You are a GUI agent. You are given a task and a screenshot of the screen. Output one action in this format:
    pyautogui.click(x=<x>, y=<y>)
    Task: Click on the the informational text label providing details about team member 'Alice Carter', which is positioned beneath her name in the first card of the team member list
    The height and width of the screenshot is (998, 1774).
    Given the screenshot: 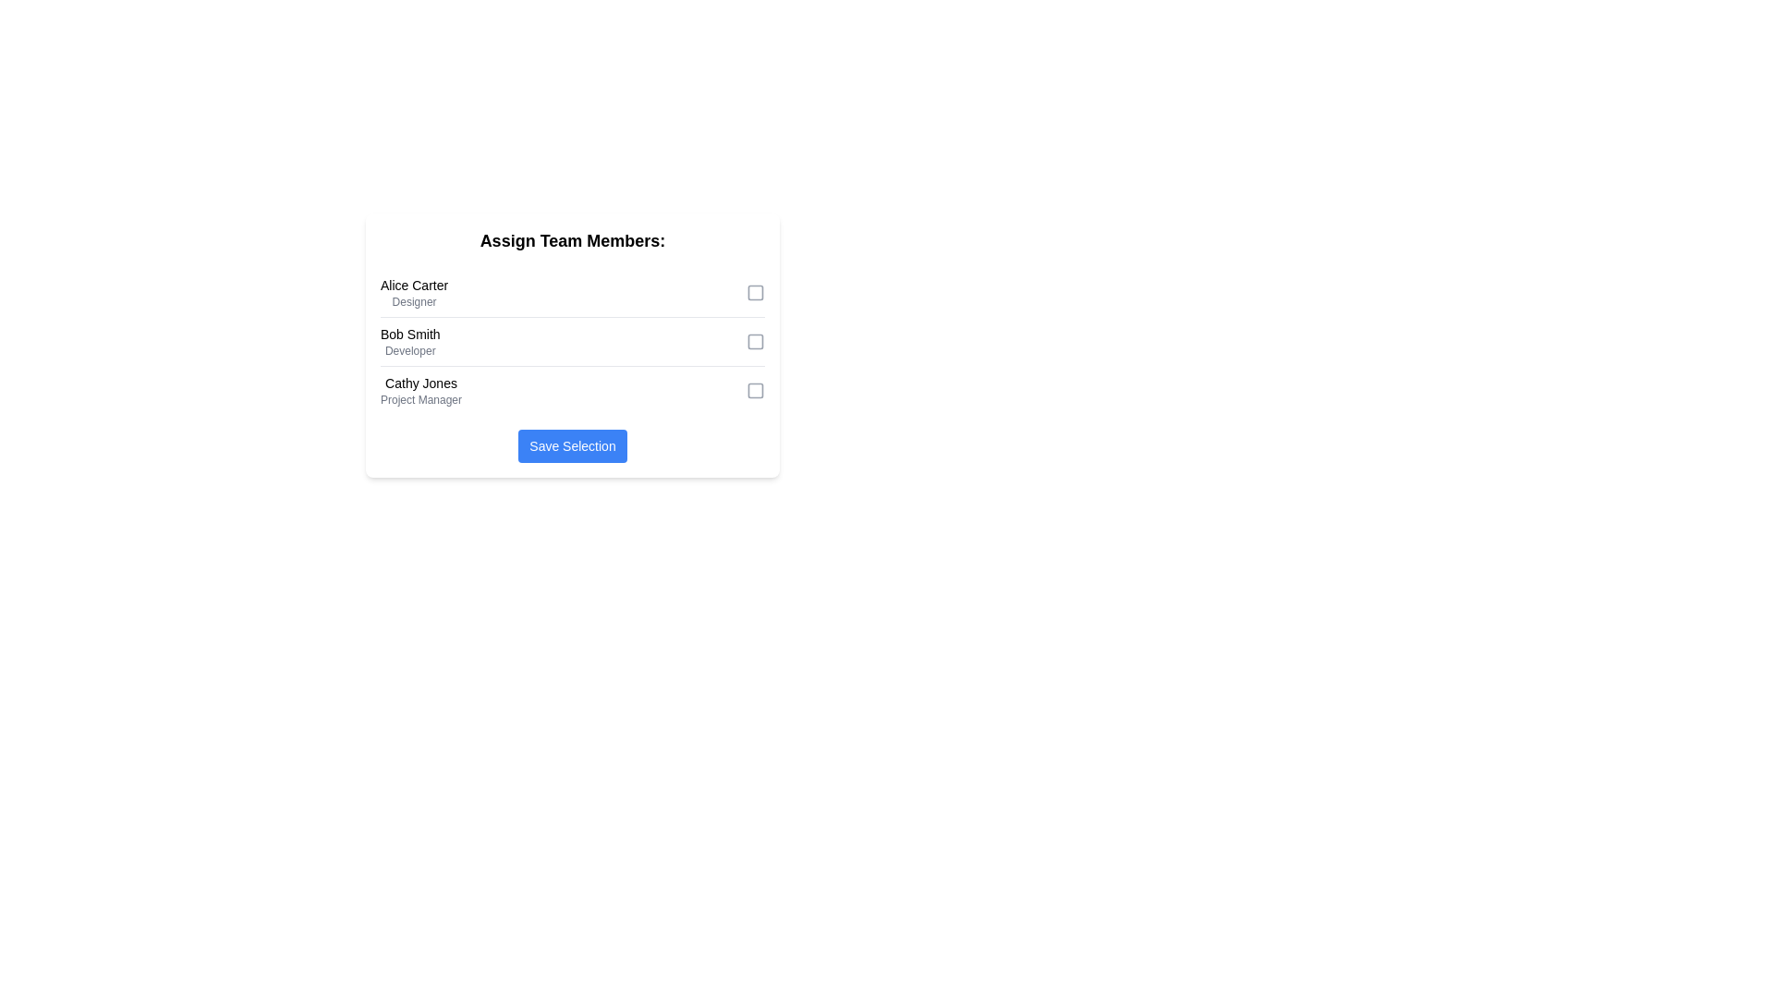 What is the action you would take?
    pyautogui.click(x=413, y=301)
    